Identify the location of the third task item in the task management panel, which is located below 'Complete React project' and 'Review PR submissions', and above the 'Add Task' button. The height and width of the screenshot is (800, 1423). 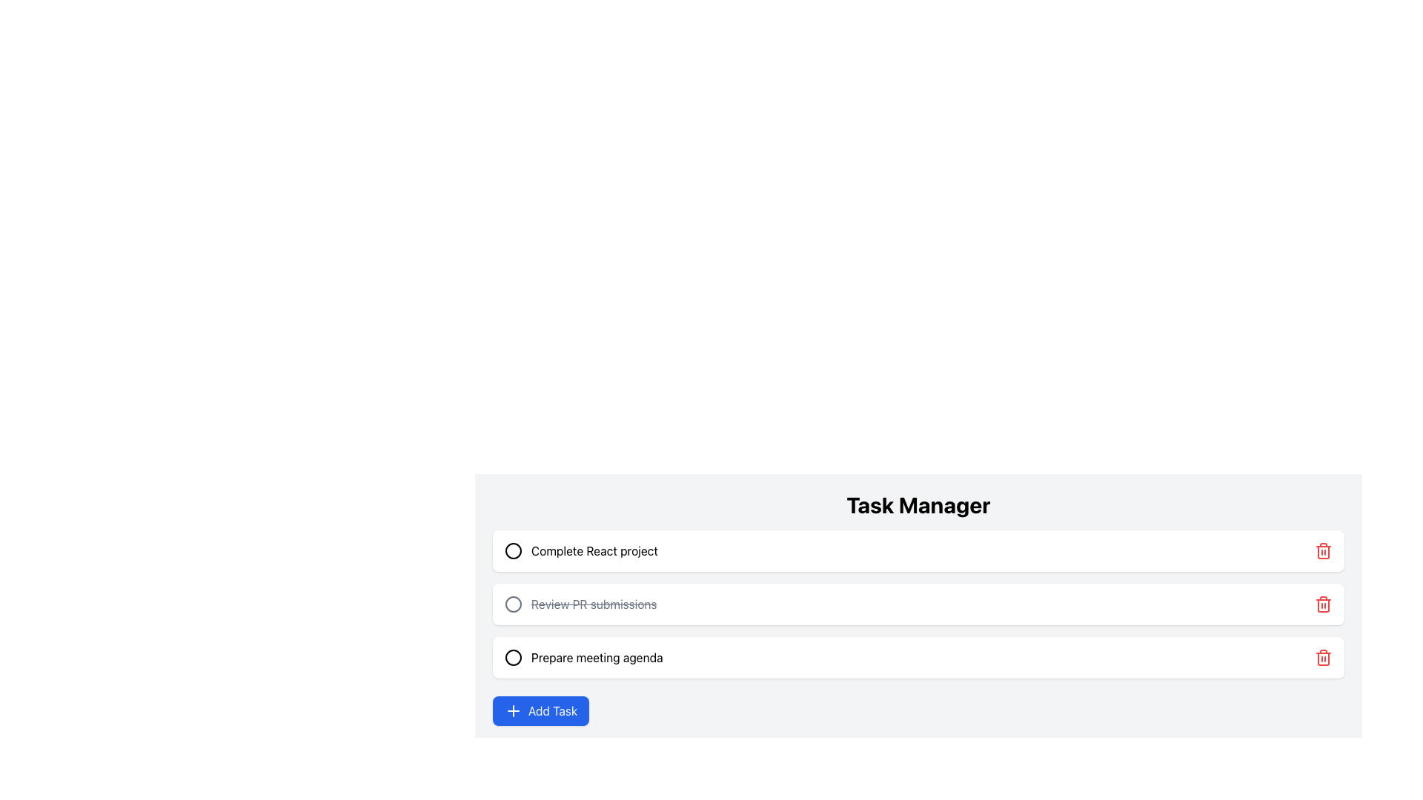
(597, 656).